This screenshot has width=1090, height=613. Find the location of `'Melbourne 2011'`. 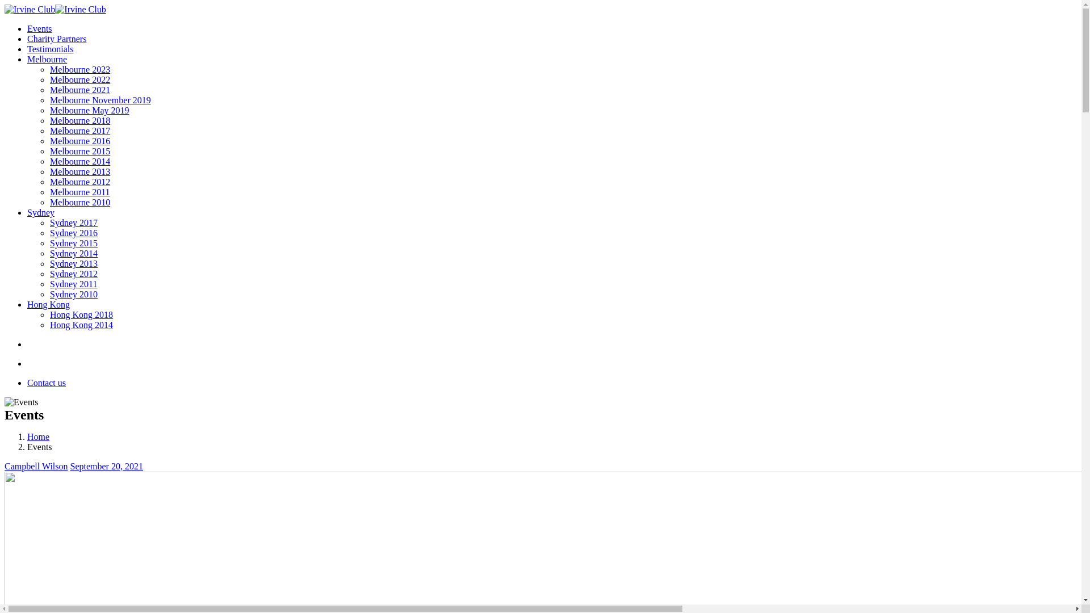

'Melbourne 2011' is located at coordinates (79, 191).